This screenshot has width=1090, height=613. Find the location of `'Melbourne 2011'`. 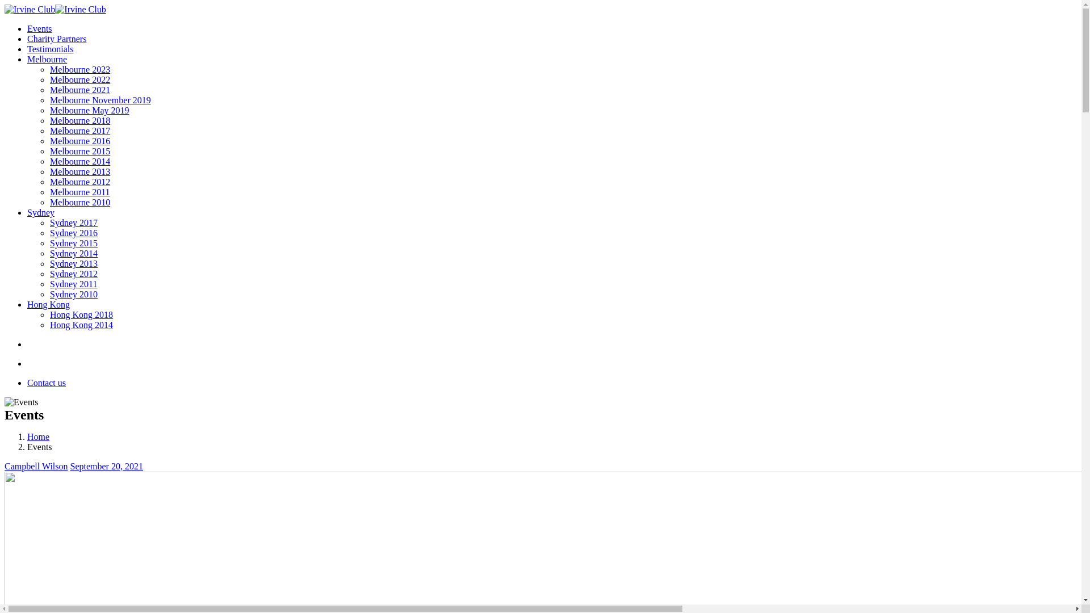

'Melbourne 2011' is located at coordinates (79, 191).